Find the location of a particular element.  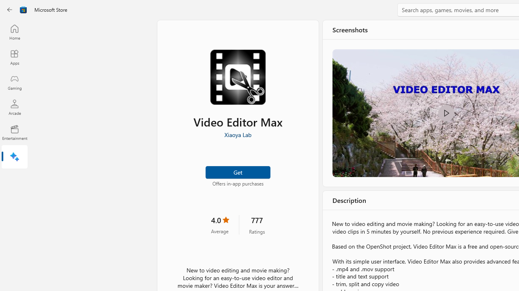

'Apps' is located at coordinates (14, 57).